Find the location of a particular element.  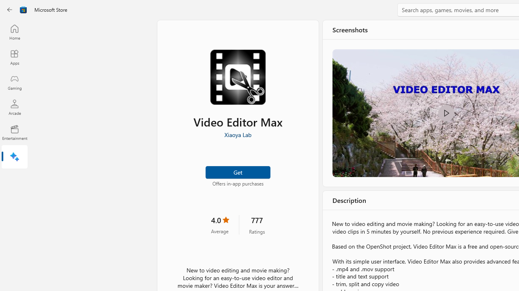

'Apps' is located at coordinates (14, 57).